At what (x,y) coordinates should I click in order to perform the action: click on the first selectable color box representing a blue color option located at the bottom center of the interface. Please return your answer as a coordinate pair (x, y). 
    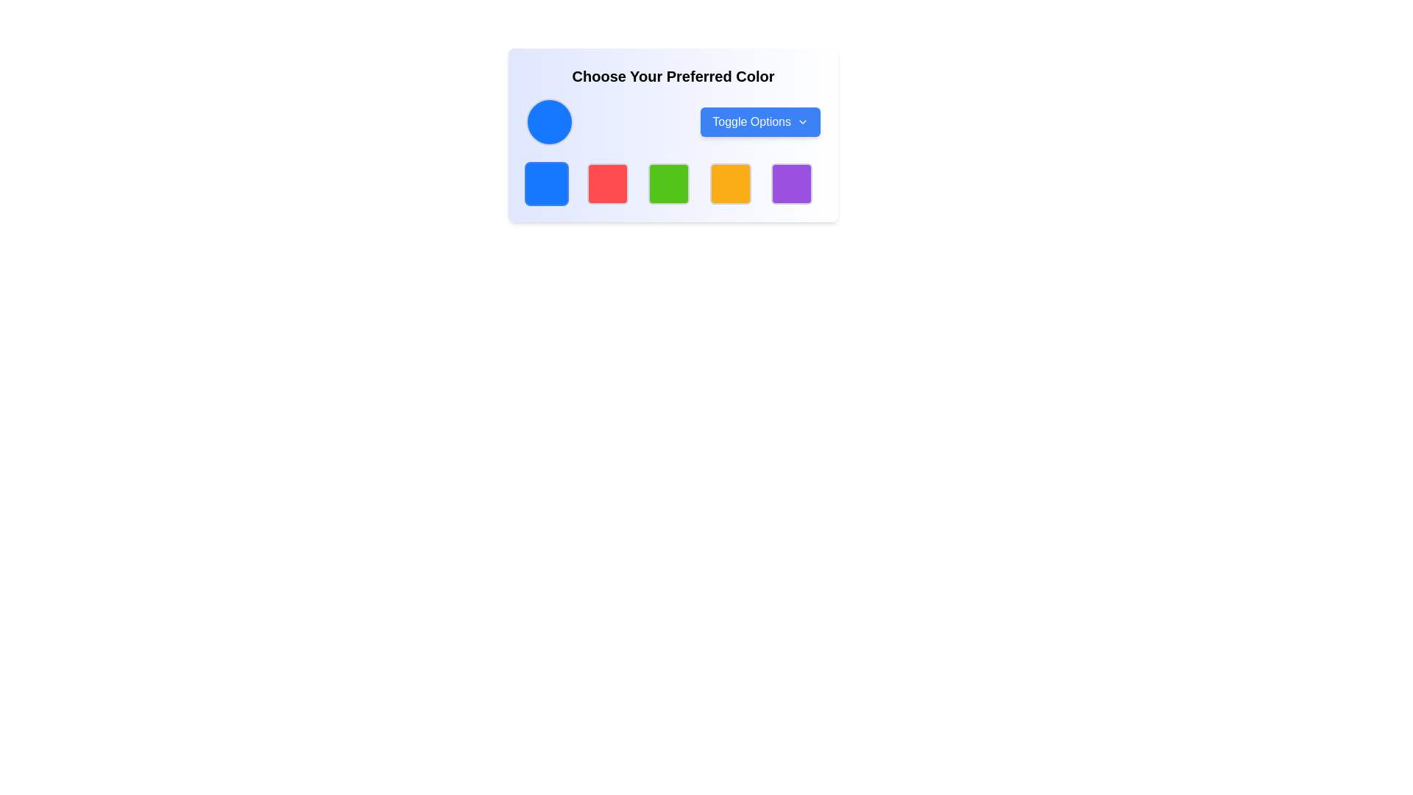
    Looking at the image, I should click on (546, 183).